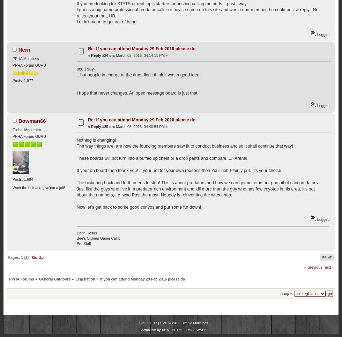  What do you see at coordinates (198, 188) in the screenshot?
I see `'The bickering back and forth needs to stop! This is about predators and how we can get better in our pursuit of said predators. Just like the guys who live in a predator rich environment and kill more than the guy who has few coyotes in his area, it's not about the numbers, I.e. who Post the most. Nobody is reinventing the wheel here.'` at bounding box center [198, 188].